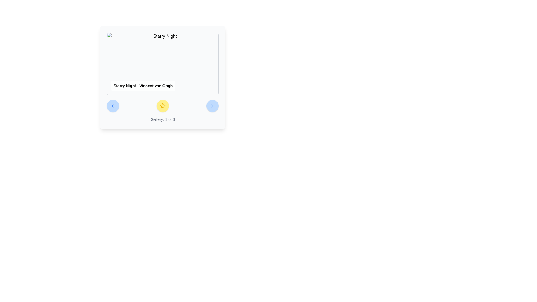 The height and width of the screenshot is (302, 537). Describe the element at coordinates (212, 106) in the screenshot. I see `the chevron icon located within the circular button in the far-right bottom corner of the gallery navigation area` at that location.